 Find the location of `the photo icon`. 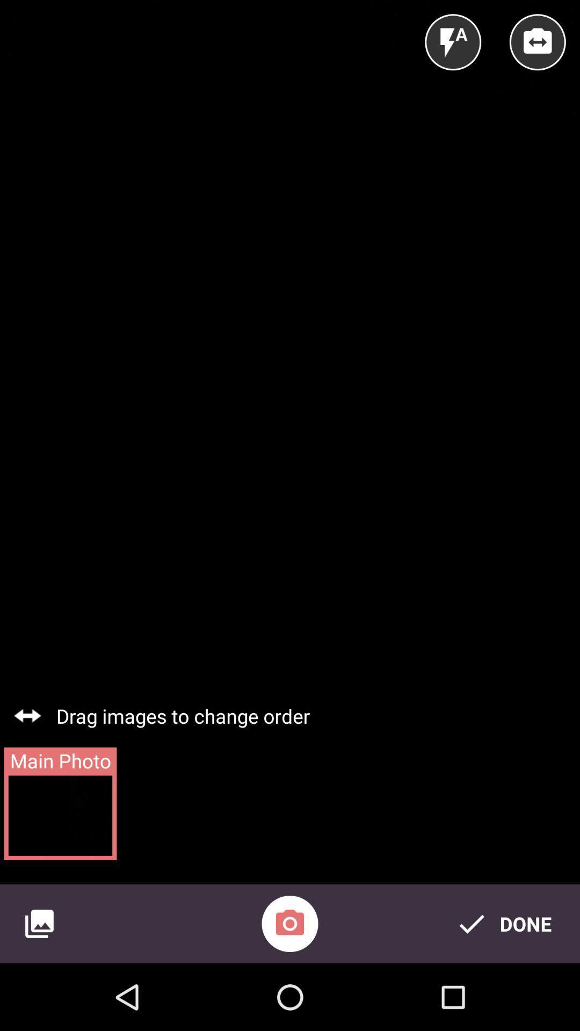

the photo icon is located at coordinates (290, 923).